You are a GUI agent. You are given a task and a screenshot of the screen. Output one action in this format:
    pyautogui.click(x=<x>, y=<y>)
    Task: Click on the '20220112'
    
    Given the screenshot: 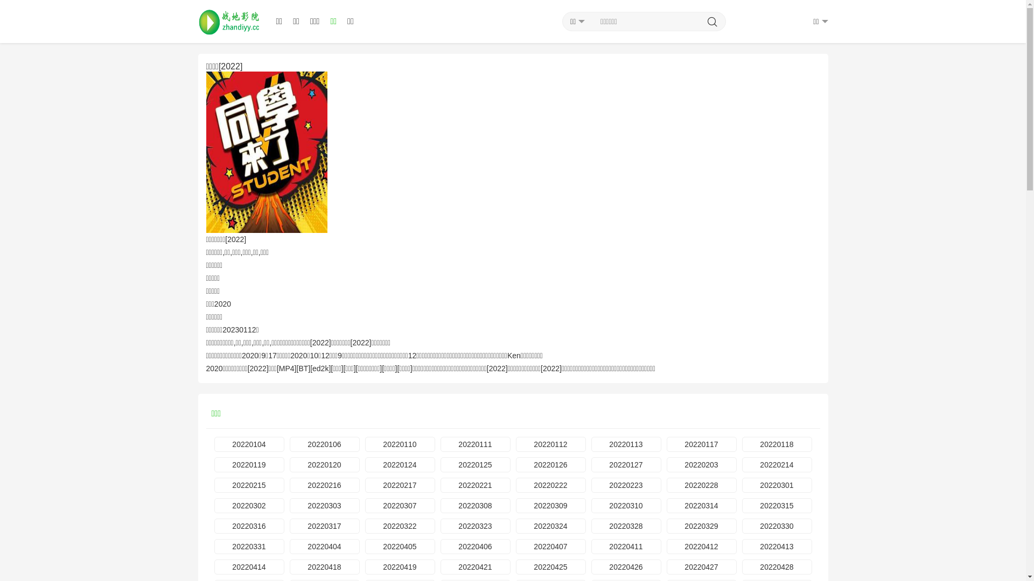 What is the action you would take?
    pyautogui.click(x=550, y=444)
    